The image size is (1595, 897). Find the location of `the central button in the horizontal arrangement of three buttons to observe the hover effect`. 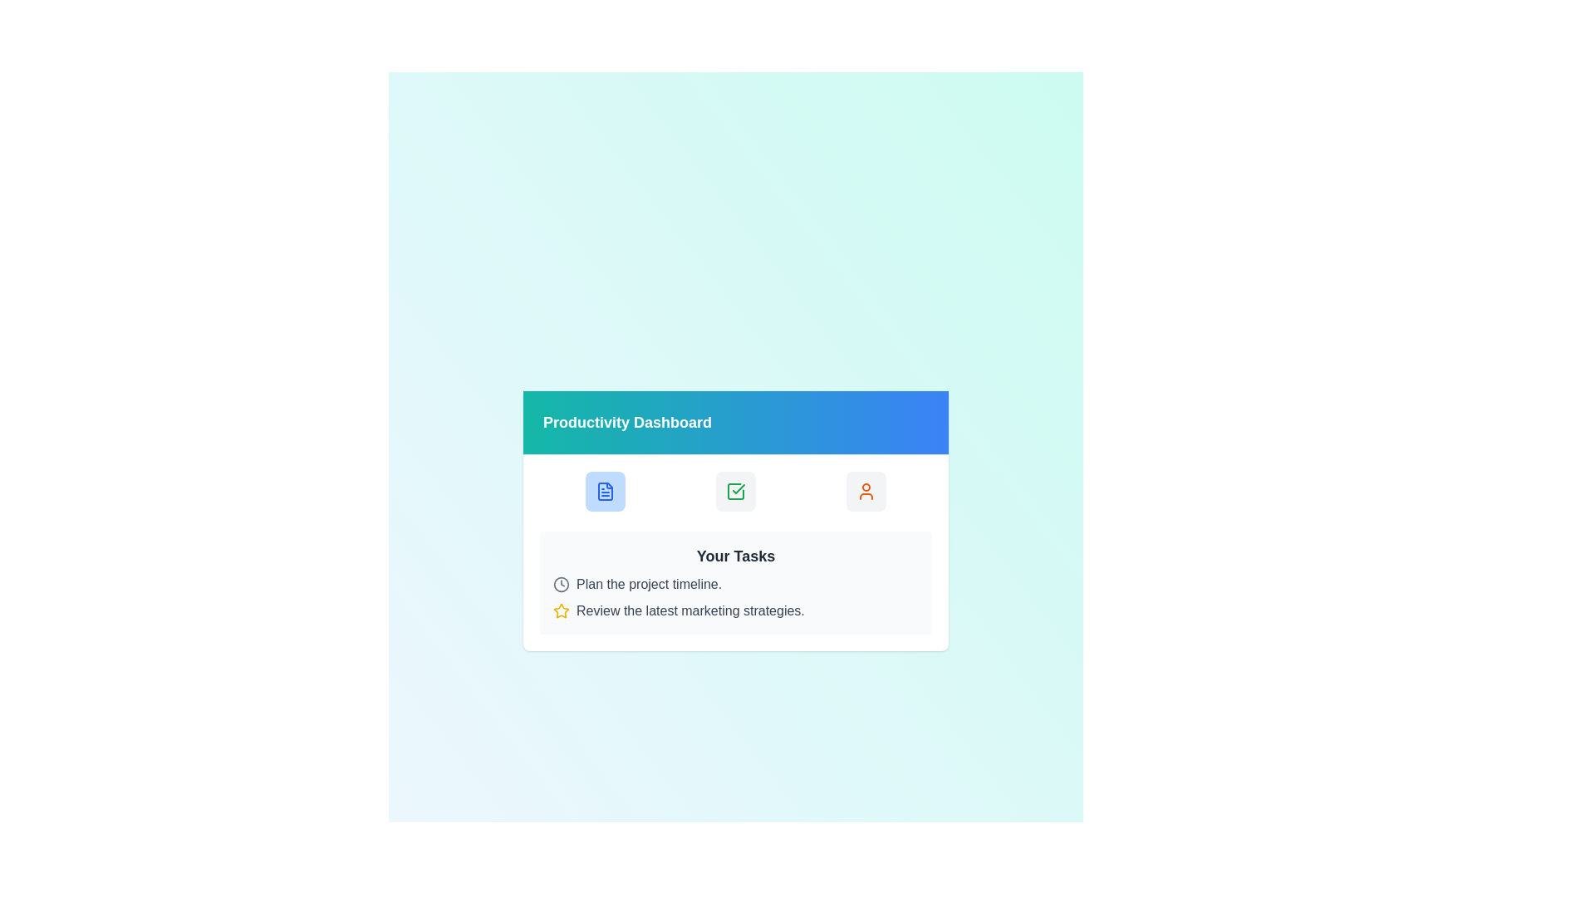

the central button in the horizontal arrangement of three buttons to observe the hover effect is located at coordinates (734, 490).